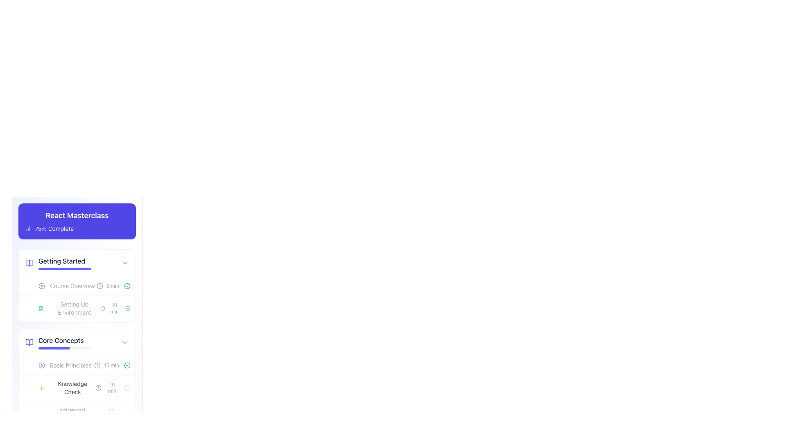 The width and height of the screenshot is (786, 442). Describe the element at coordinates (54, 348) in the screenshot. I see `the progress bar located in the 'Core Concepts' section under the 'React Masterclass' sidebar menu, which visually depicts the completion percentage for a specific module or task` at that location.